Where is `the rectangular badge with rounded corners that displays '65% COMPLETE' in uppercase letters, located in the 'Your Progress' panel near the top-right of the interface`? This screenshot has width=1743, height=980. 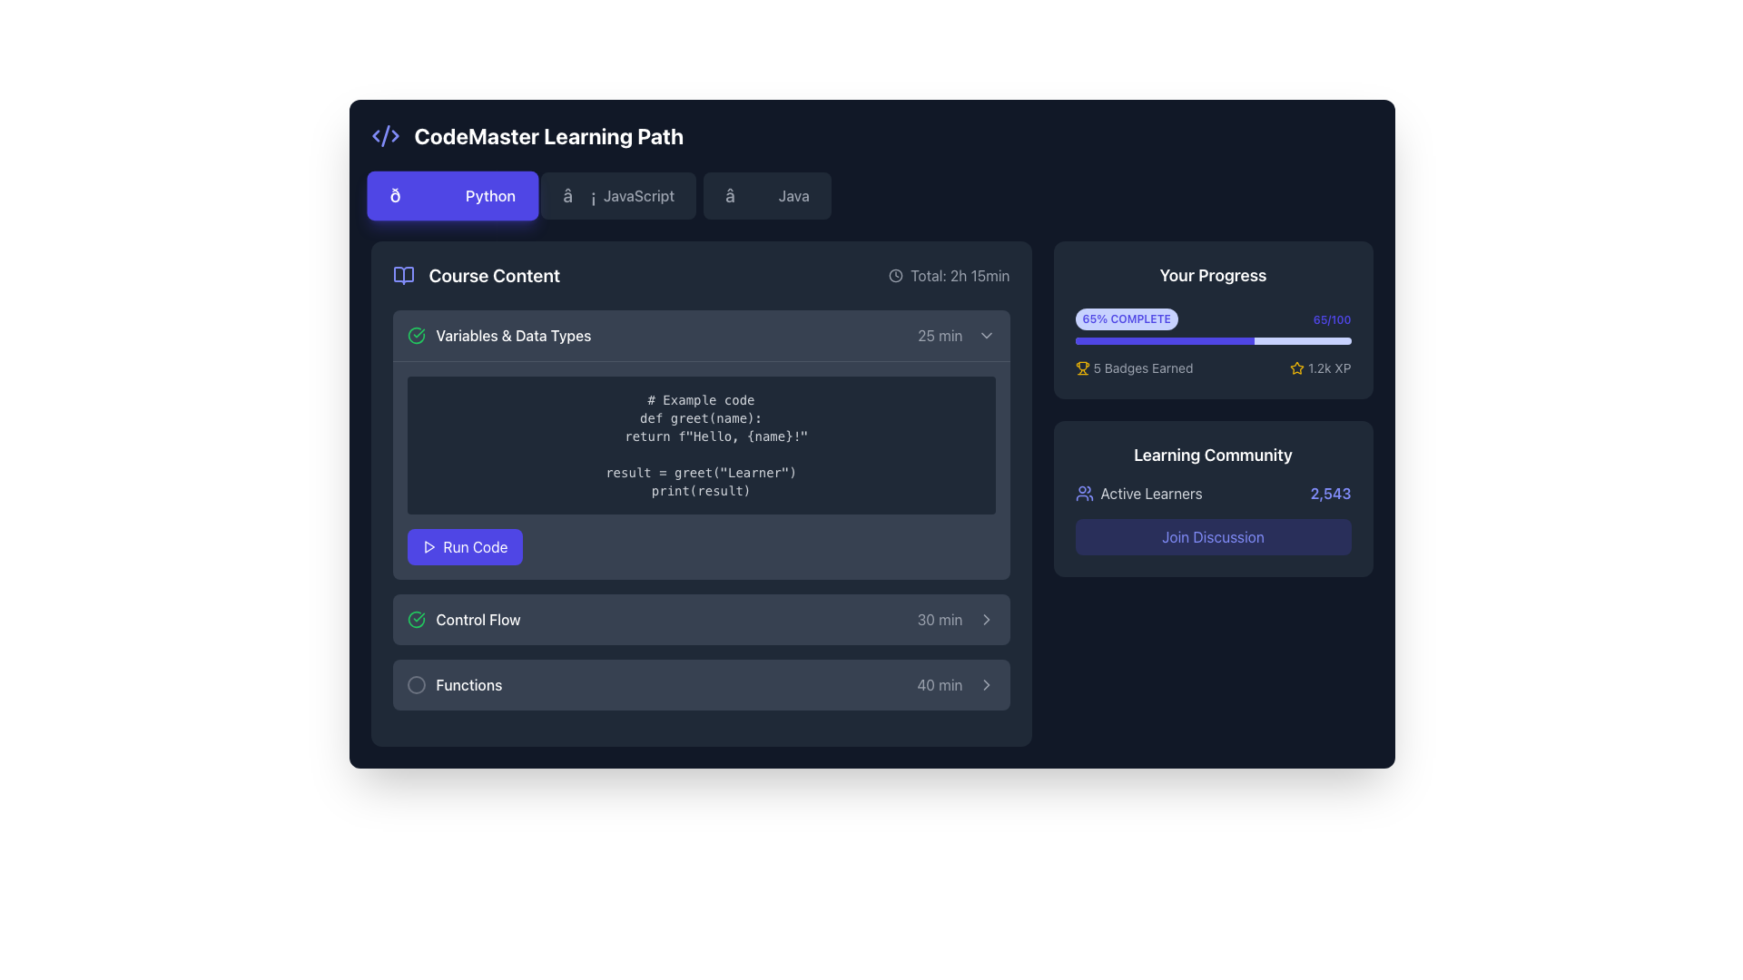 the rectangular badge with rounded corners that displays '65% COMPLETE' in uppercase letters, located in the 'Your Progress' panel near the top-right of the interface is located at coordinates (1126, 318).